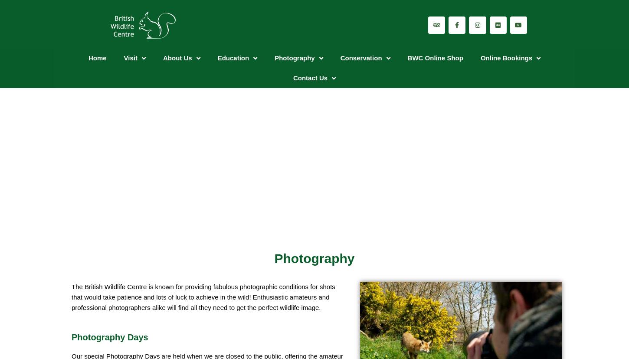  Describe the element at coordinates (177, 58) in the screenshot. I see `'About Us'` at that location.